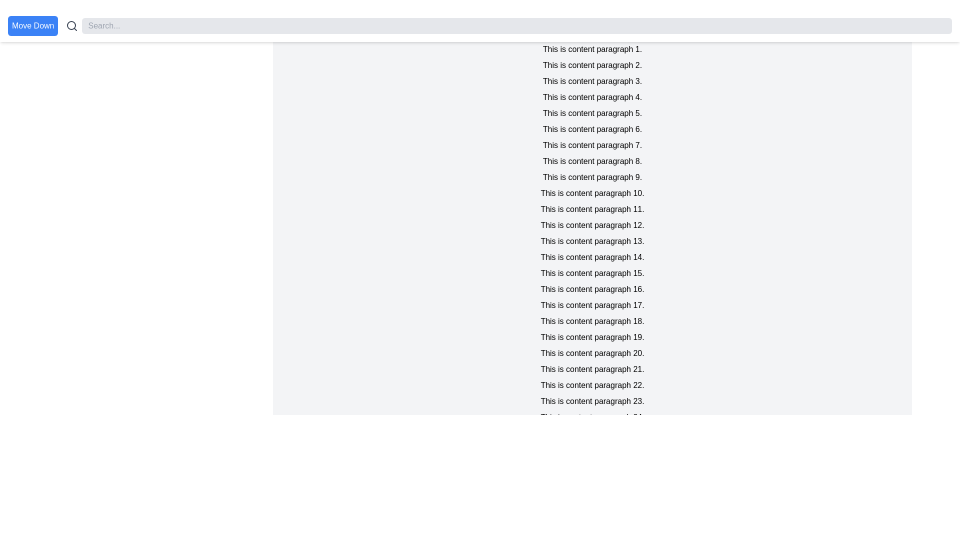 Image resolution: width=960 pixels, height=540 pixels. What do you see at coordinates (592, 289) in the screenshot?
I see `the sixteenth paragraph of the text content list, which is static and non-interactive, located between the fifteenth and seventeenth paragraphs` at bounding box center [592, 289].